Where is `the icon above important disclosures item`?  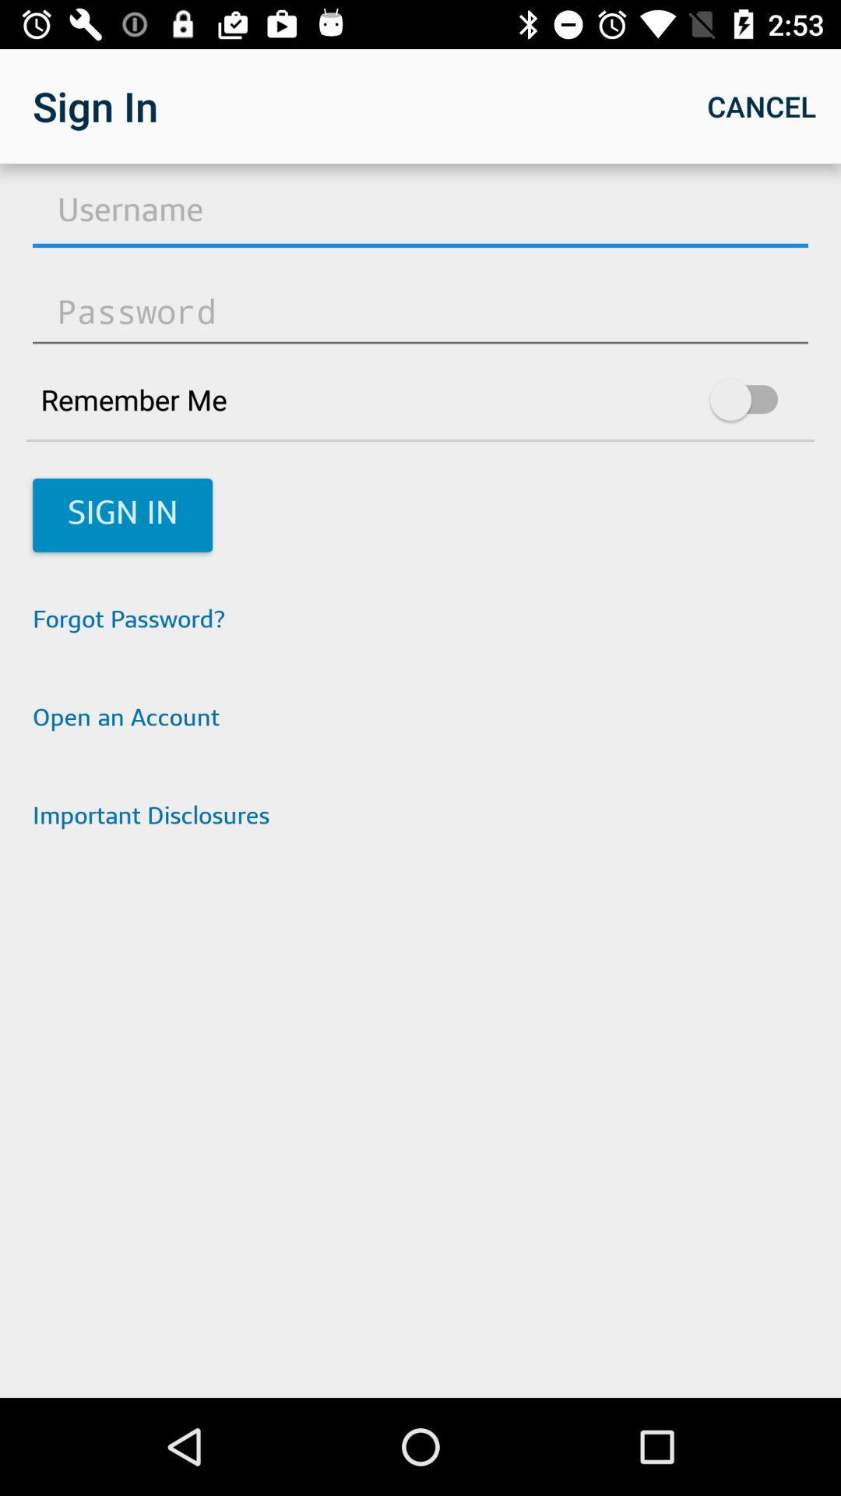 the icon above important disclosures item is located at coordinates (420, 719).